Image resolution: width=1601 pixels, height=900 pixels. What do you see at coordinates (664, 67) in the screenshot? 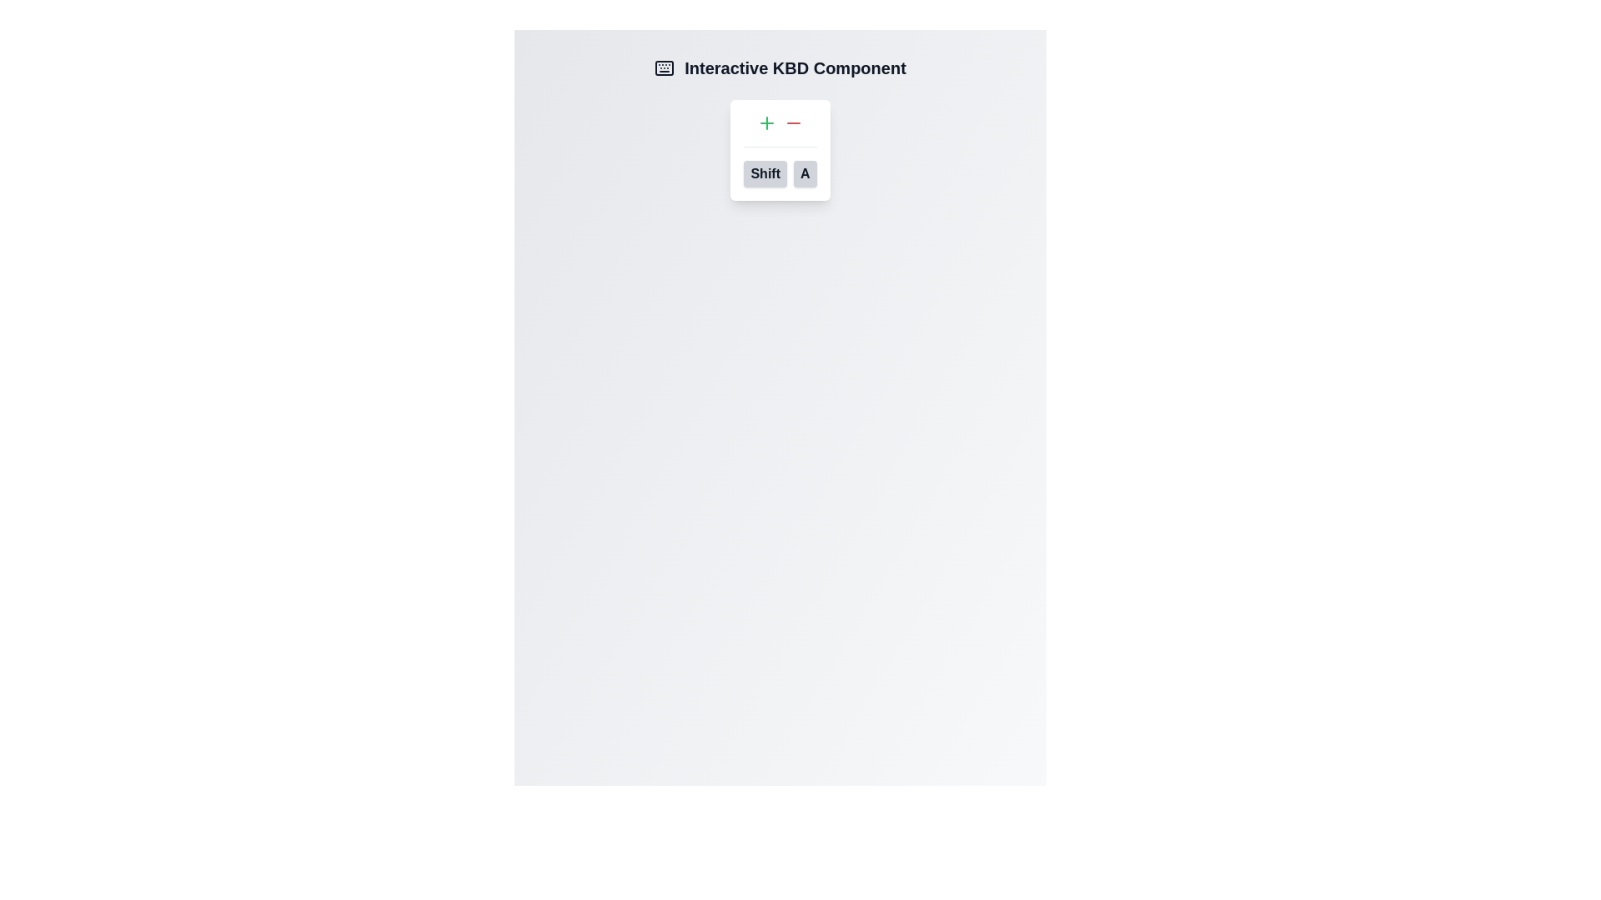
I see `the decorative icon located to the left of the text 'Interactive KBD Component', which visually represents a keyboard interface` at bounding box center [664, 67].